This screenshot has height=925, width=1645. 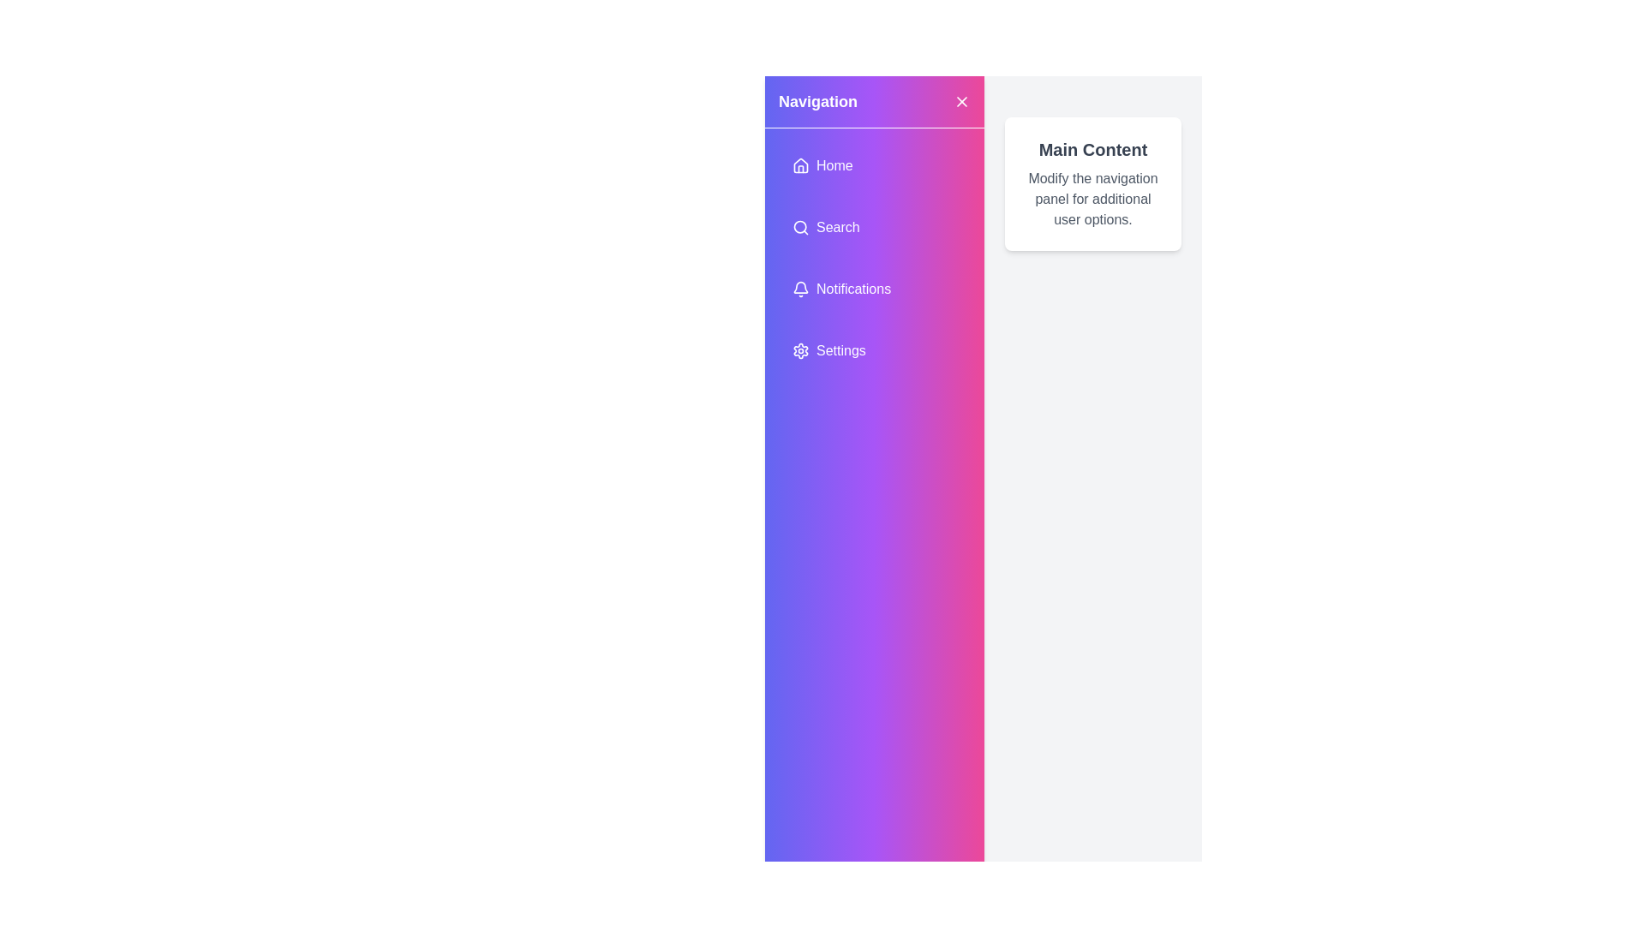 What do you see at coordinates (828, 349) in the screenshot?
I see `the fourth navigational menu button located beneath the 'Notifications' element` at bounding box center [828, 349].